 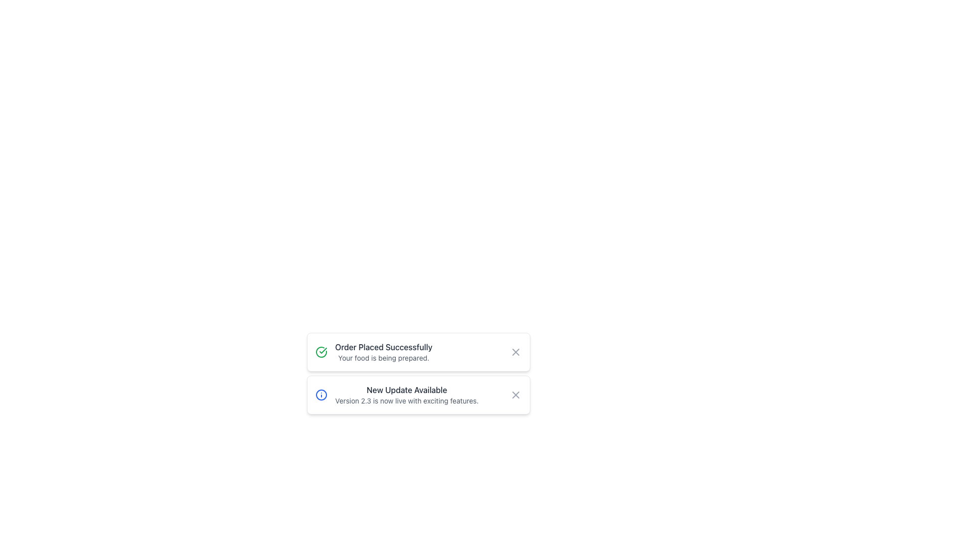 I want to click on the text block that displays 'Order Placed Successfully' and 'Your food is being prepared.' in a notification component, so click(x=383, y=351).